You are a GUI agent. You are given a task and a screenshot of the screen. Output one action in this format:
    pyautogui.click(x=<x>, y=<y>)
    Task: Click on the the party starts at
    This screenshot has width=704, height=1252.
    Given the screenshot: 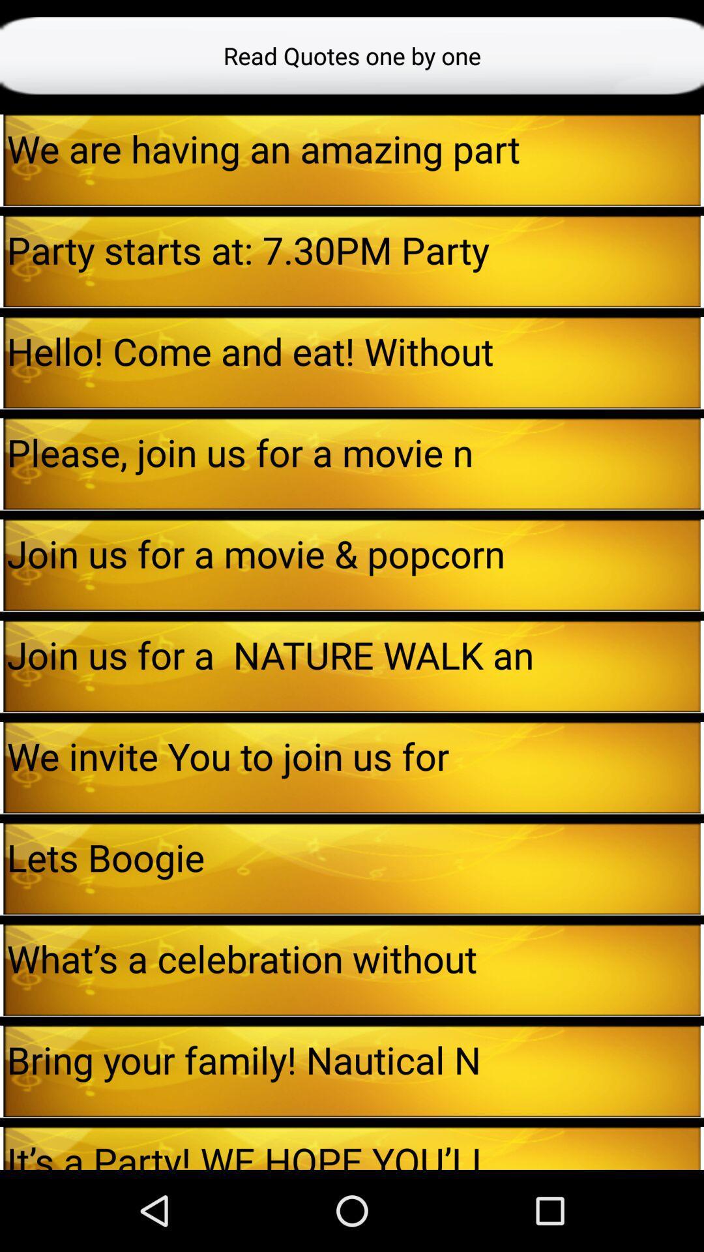 What is the action you would take?
    pyautogui.click(x=353, y=249)
    